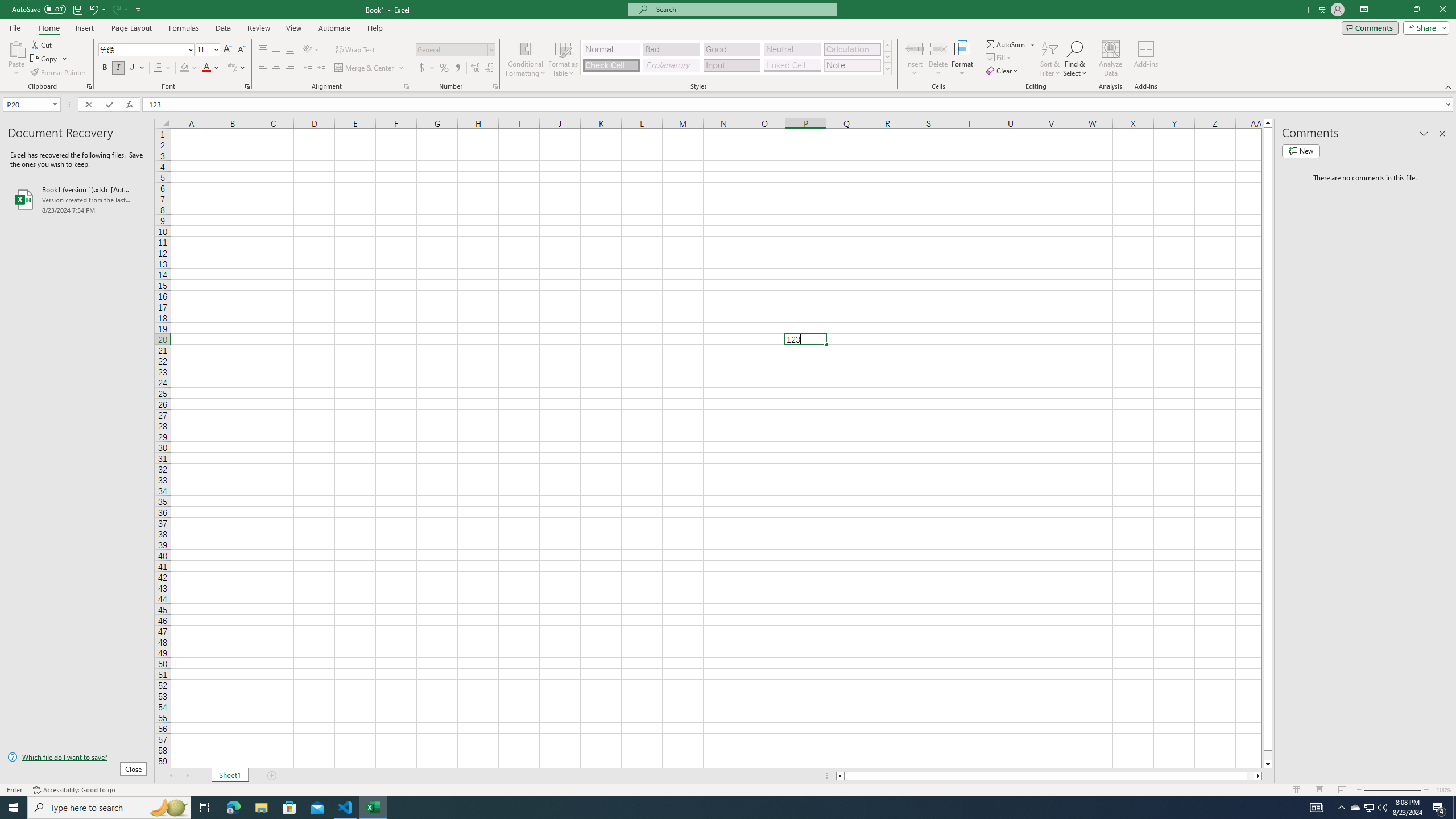 This screenshot has height=819, width=1456. I want to click on 'Good', so click(731, 49).